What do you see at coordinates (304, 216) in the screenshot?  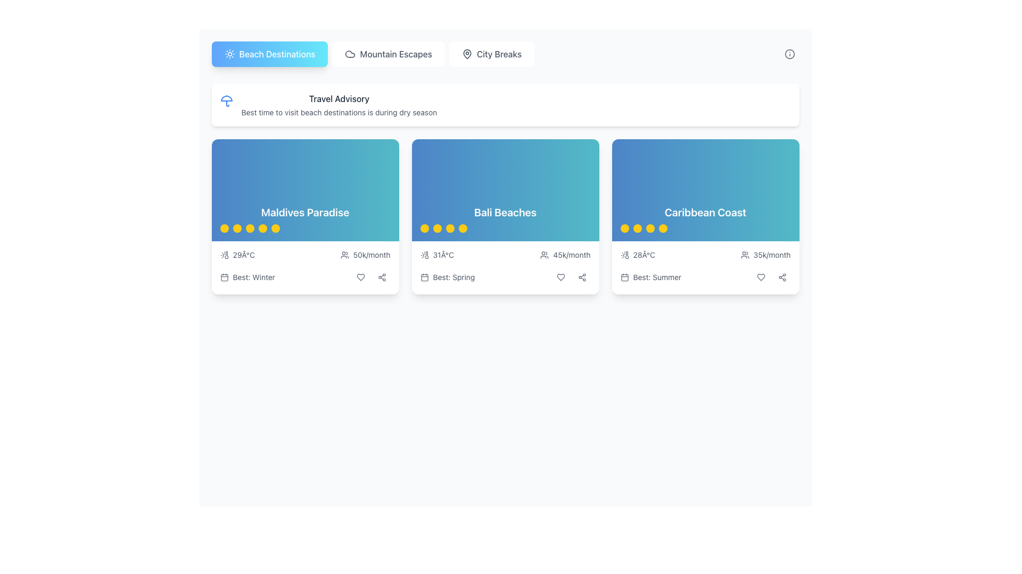 I see `the travel destination card titled 'Maldives Paradise' which is the first card in a row of three under the 'Travel Advisory' section` at bounding box center [304, 216].